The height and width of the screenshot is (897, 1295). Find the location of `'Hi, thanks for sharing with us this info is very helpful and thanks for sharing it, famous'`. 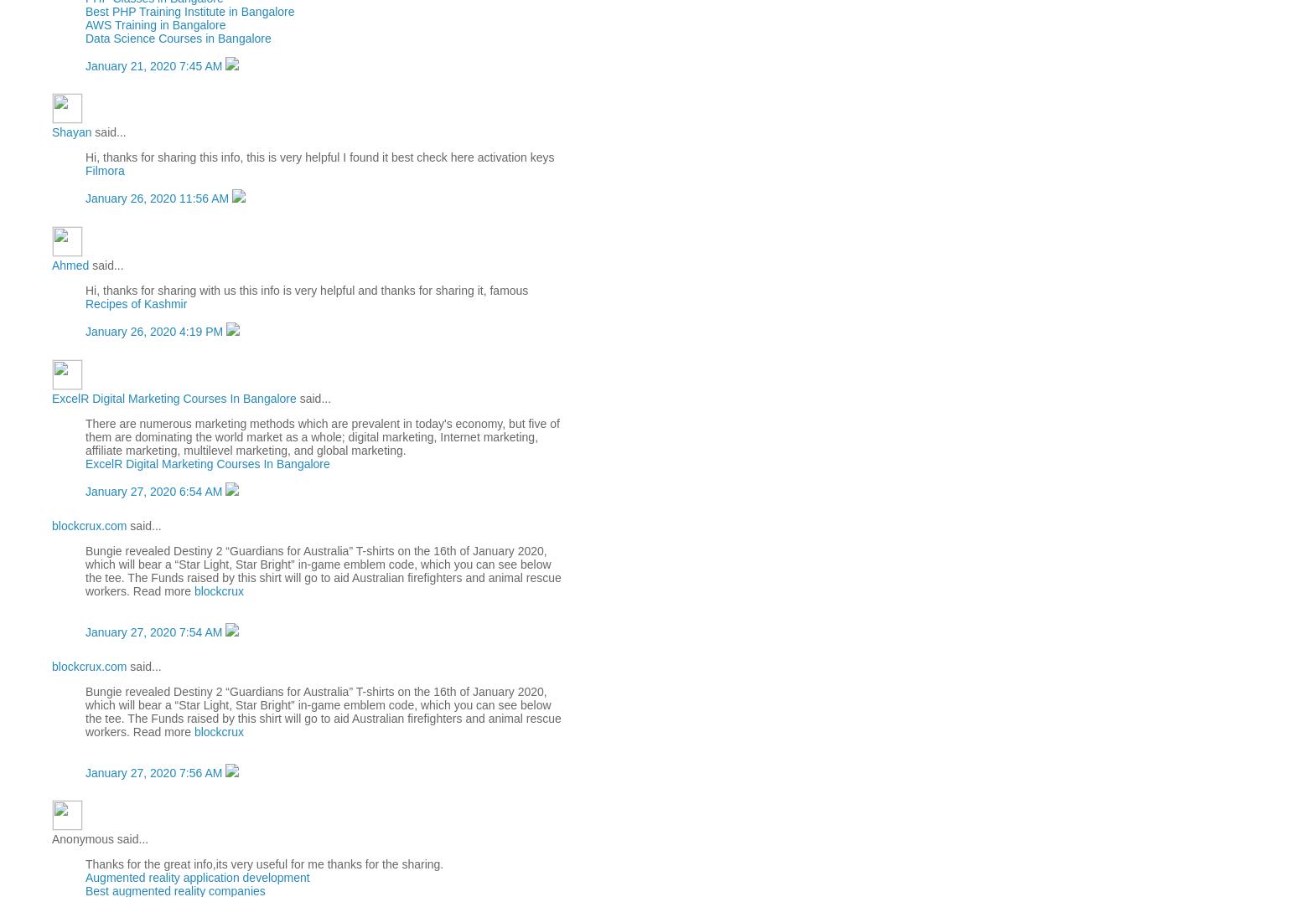

'Hi, thanks for sharing with us this info is very helpful and thanks for sharing it, famous' is located at coordinates (306, 290).